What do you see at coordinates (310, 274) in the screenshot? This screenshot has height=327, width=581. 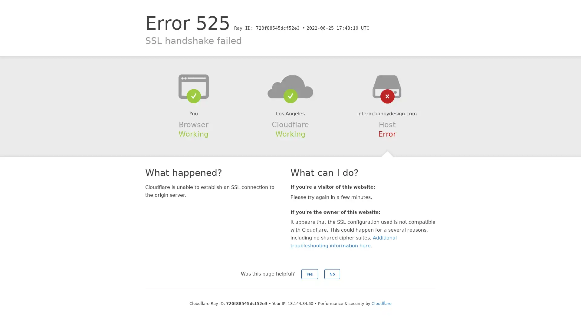 I see `Yes` at bounding box center [310, 274].